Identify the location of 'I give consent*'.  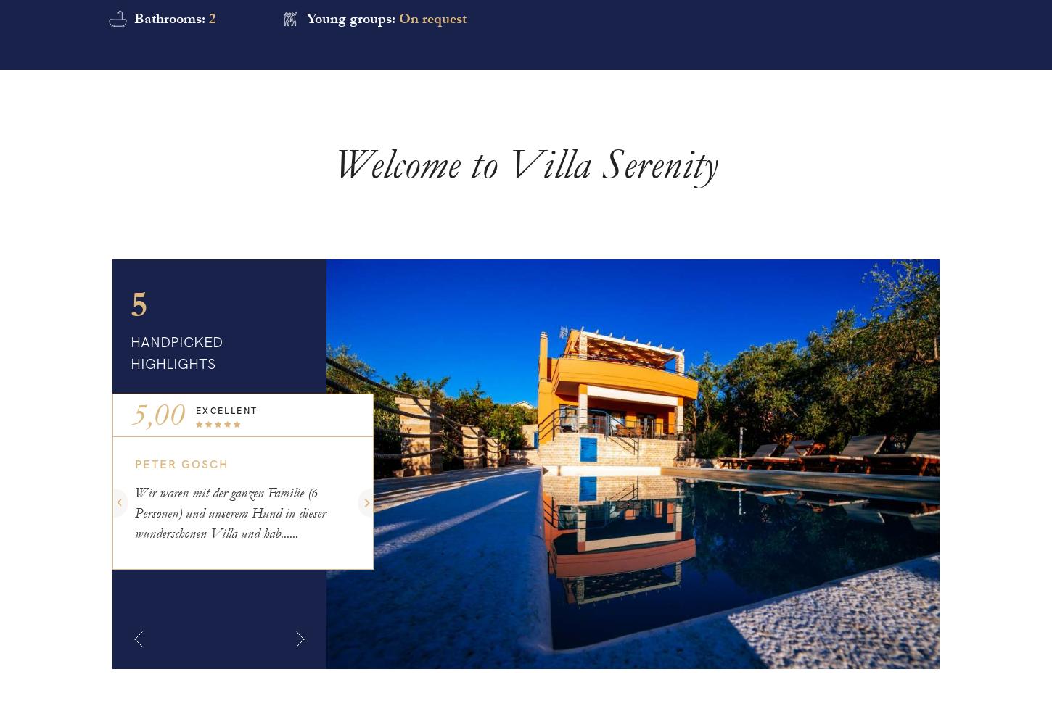
(615, 631).